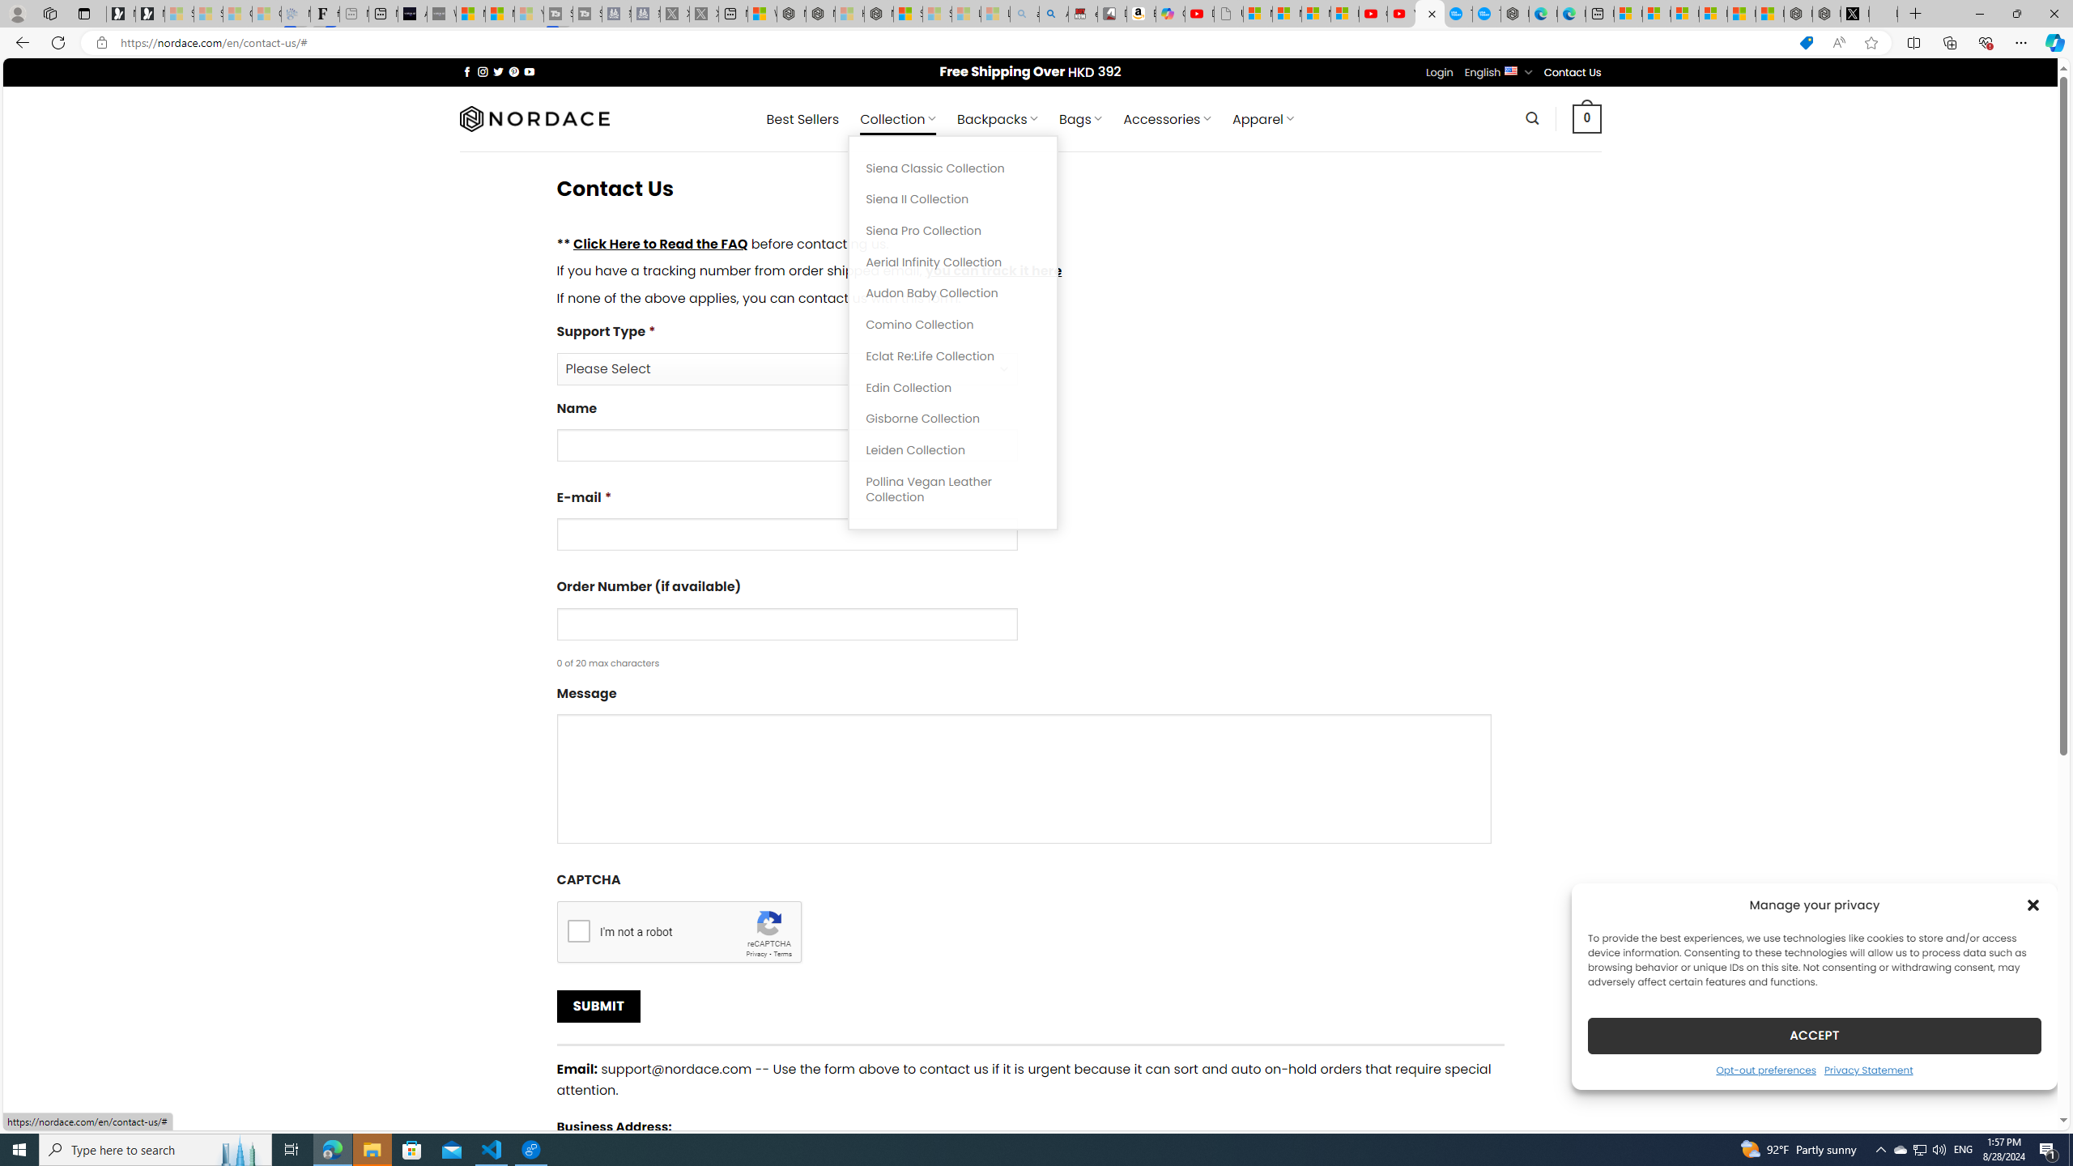  I want to click on 'Siena Pro Collection', so click(953, 230).